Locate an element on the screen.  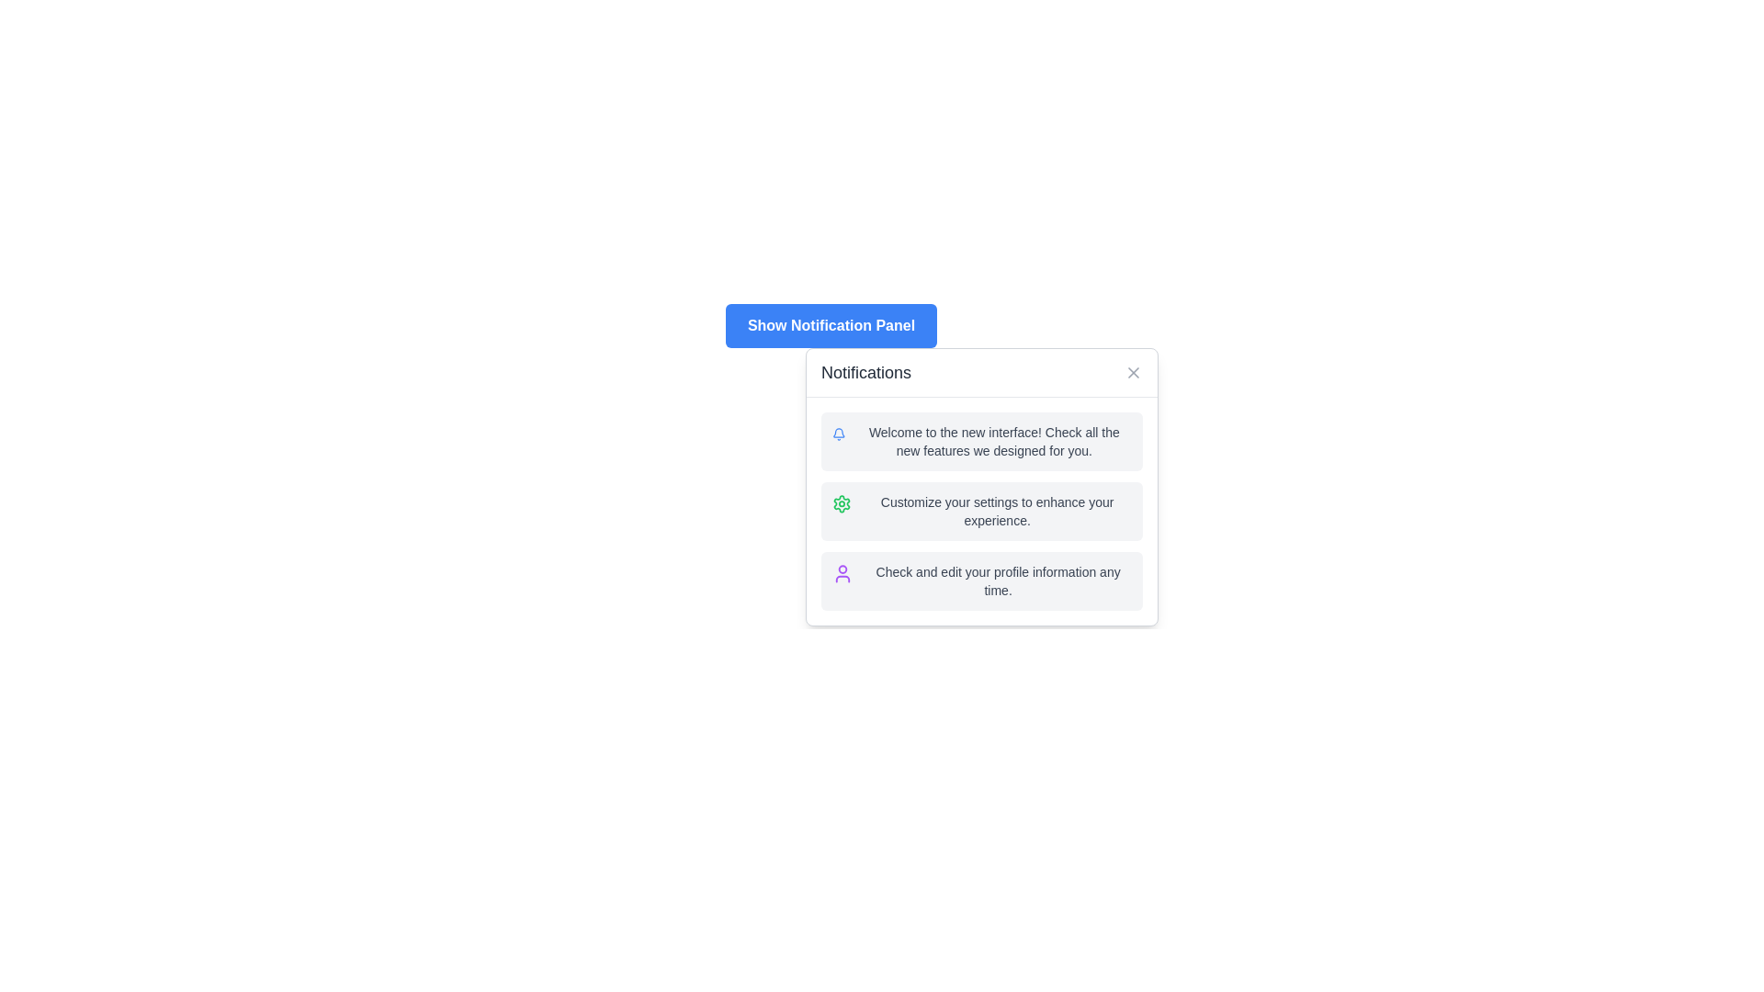
the settings icon located centrally within the second notification option in the notifications panel is located at coordinates (841, 503).